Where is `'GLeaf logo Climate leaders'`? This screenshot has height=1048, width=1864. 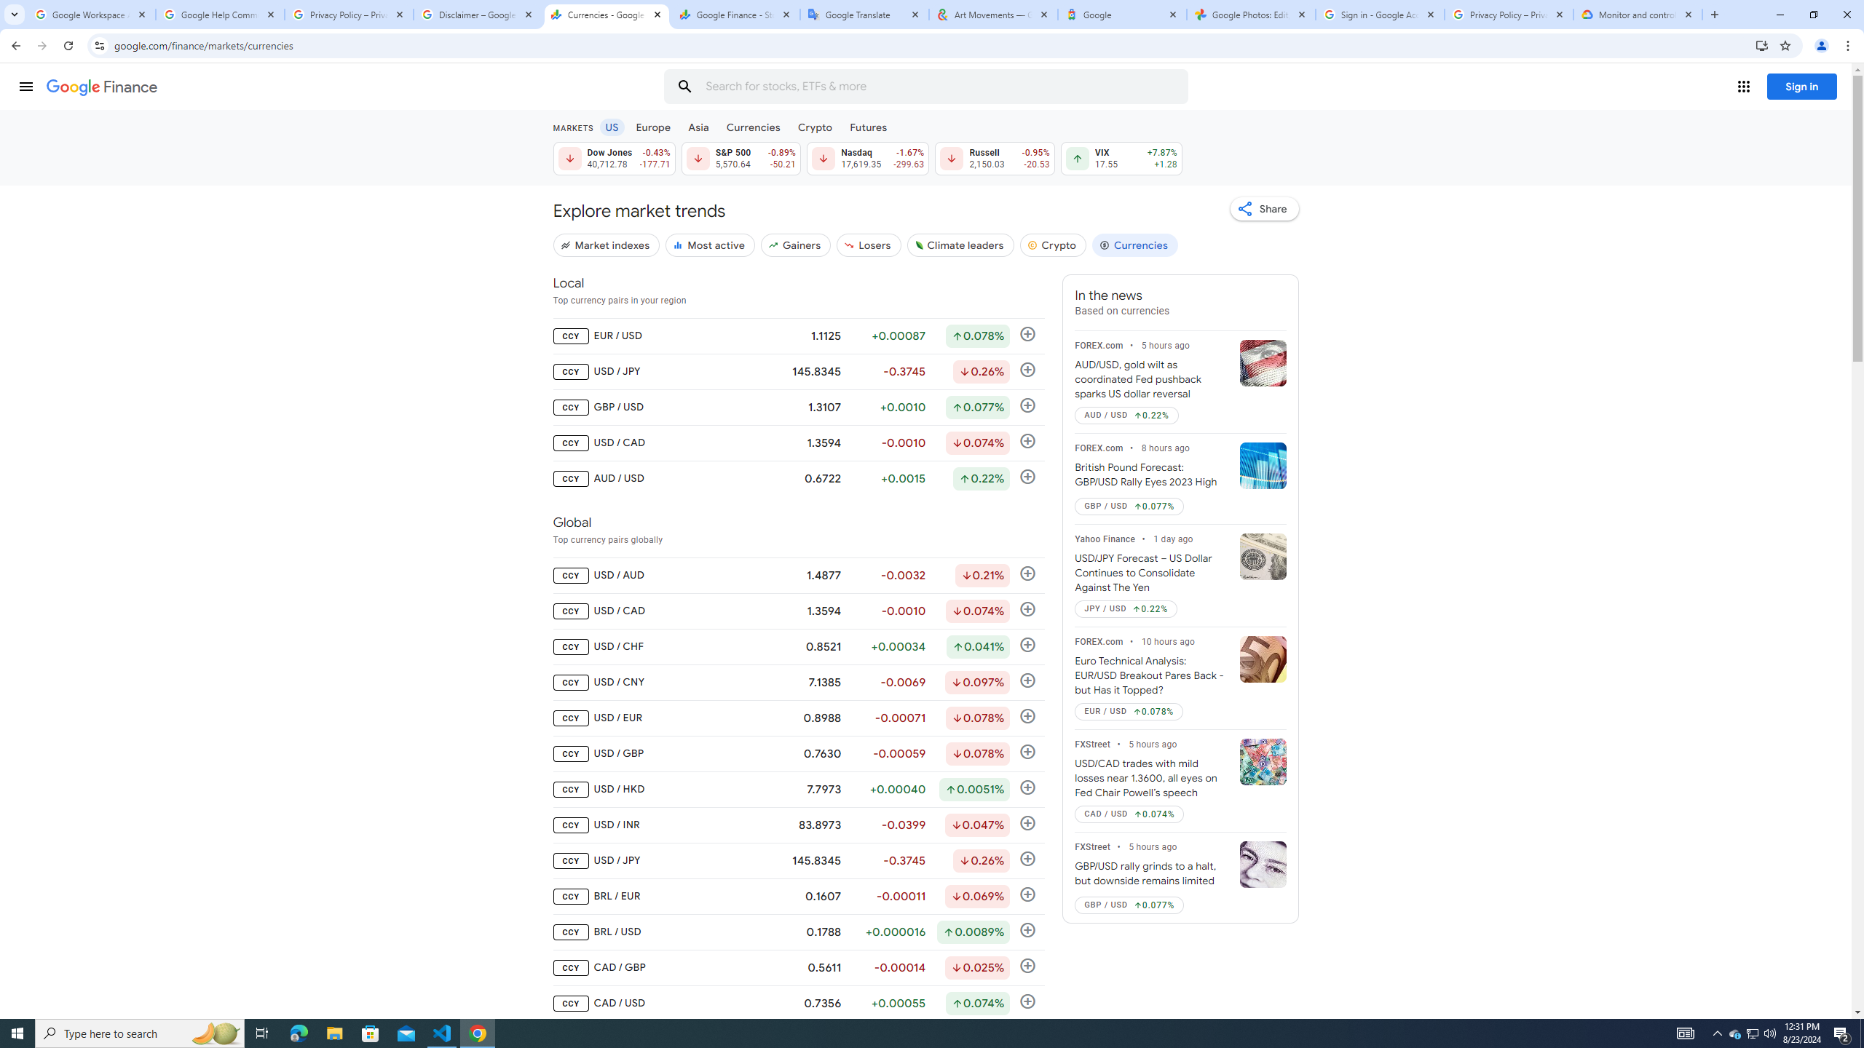
'GLeaf logo Climate leaders' is located at coordinates (959, 245).